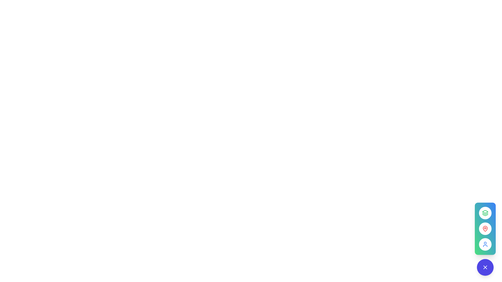 The width and height of the screenshot is (502, 282). I want to click on the uppermost graphical icon on the right-hand edge of the interface, so click(485, 211).